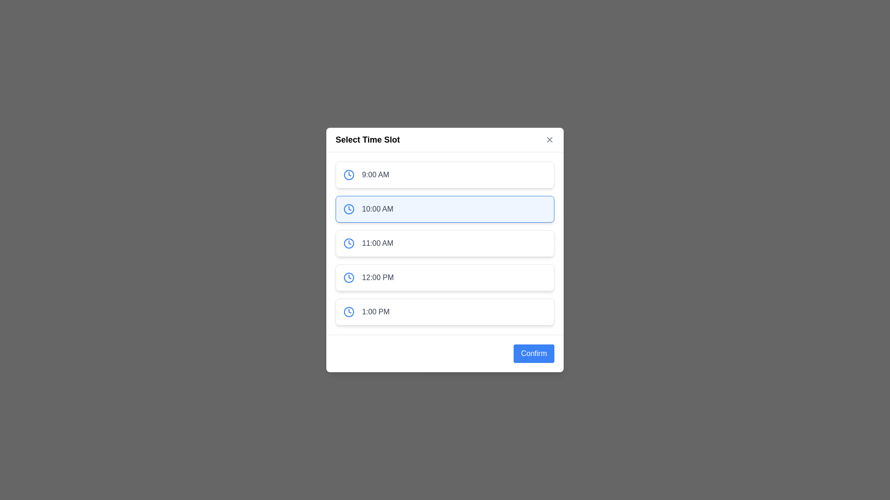 Image resolution: width=890 pixels, height=500 pixels. Describe the element at coordinates (445, 312) in the screenshot. I see `the time slot labeled 1:00 PM to select it` at that location.